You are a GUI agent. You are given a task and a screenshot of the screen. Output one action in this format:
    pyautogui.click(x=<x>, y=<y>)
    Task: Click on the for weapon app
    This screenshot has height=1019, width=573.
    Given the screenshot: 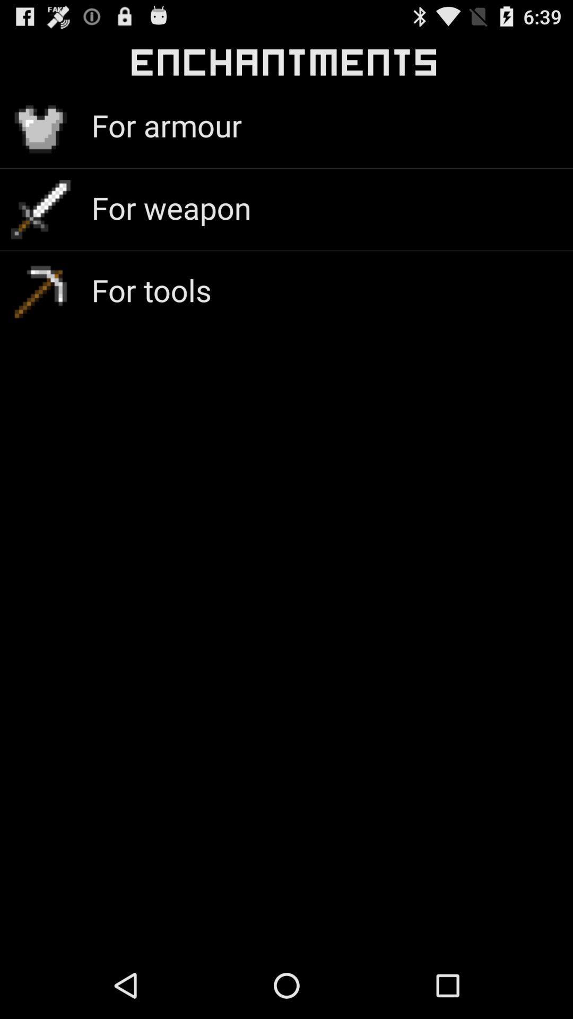 What is the action you would take?
    pyautogui.click(x=170, y=208)
    